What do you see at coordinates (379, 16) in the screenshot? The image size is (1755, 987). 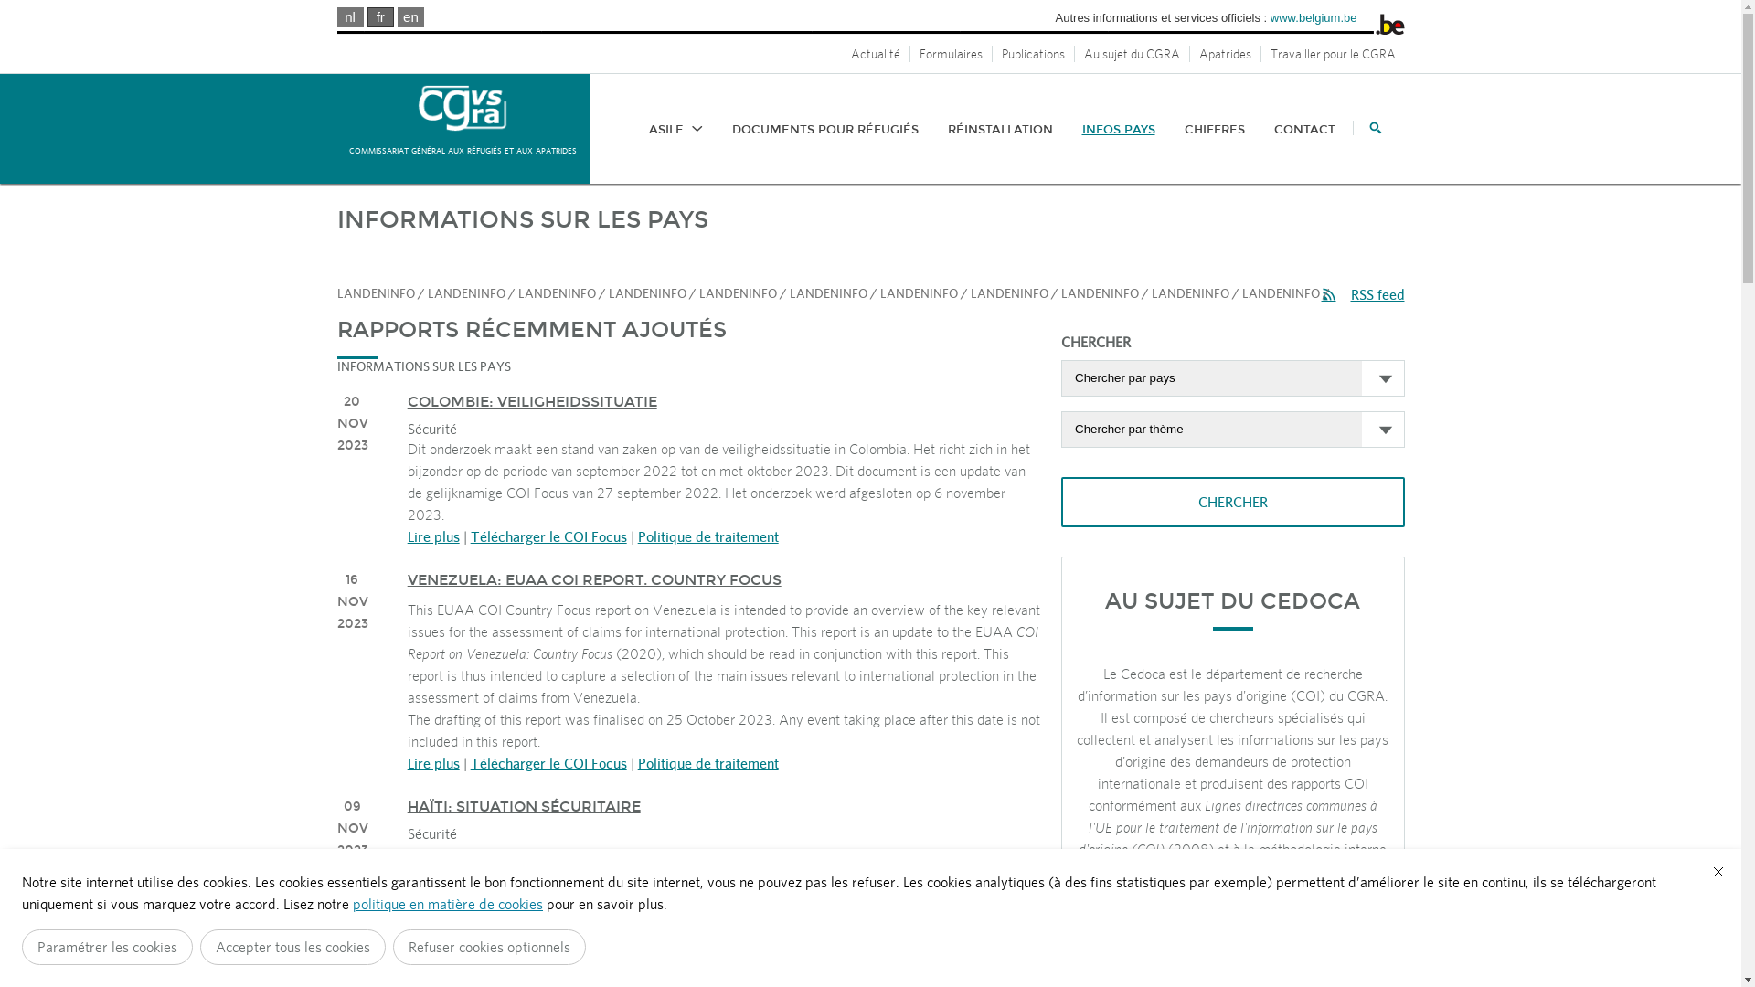 I see `'fr'` at bounding box center [379, 16].